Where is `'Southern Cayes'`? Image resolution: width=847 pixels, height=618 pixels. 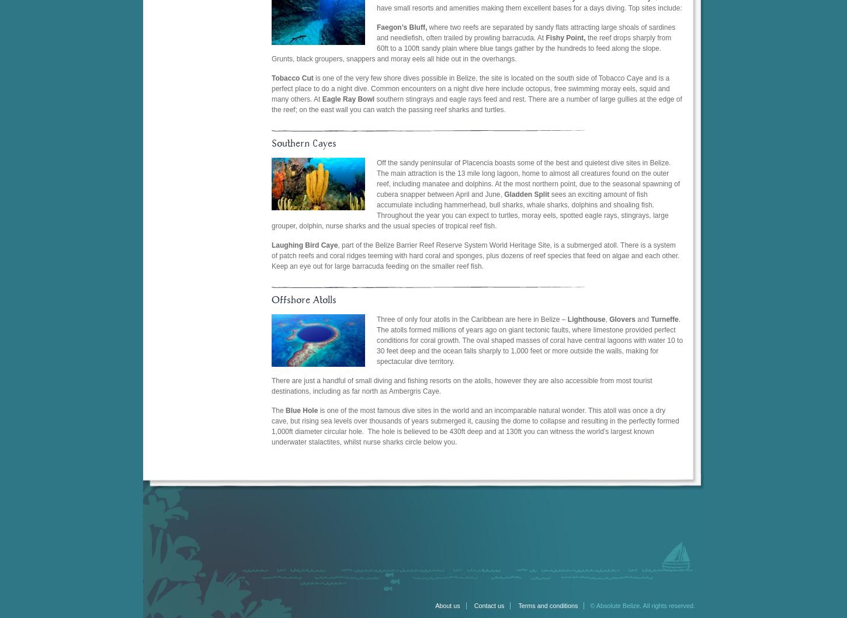 'Southern Cayes' is located at coordinates (304, 143).